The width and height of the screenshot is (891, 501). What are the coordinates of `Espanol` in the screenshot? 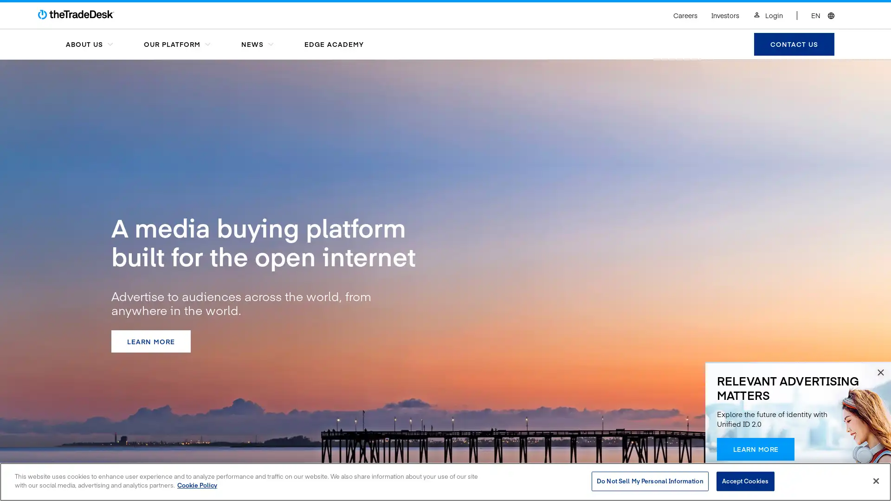 It's located at (785, 6).